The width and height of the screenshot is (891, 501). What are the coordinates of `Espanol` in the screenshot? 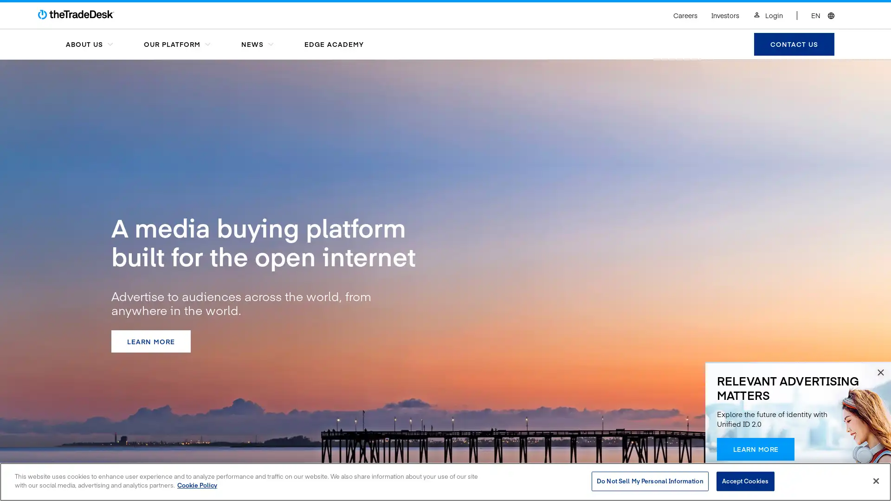 It's located at (785, 6).